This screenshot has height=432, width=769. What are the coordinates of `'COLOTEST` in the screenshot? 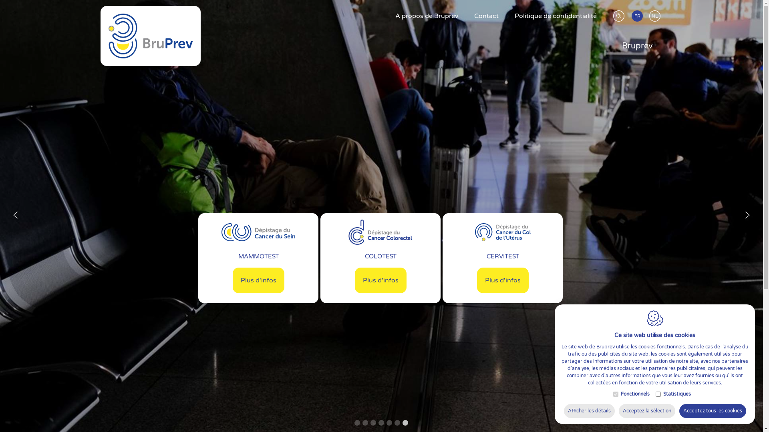 It's located at (380, 258).